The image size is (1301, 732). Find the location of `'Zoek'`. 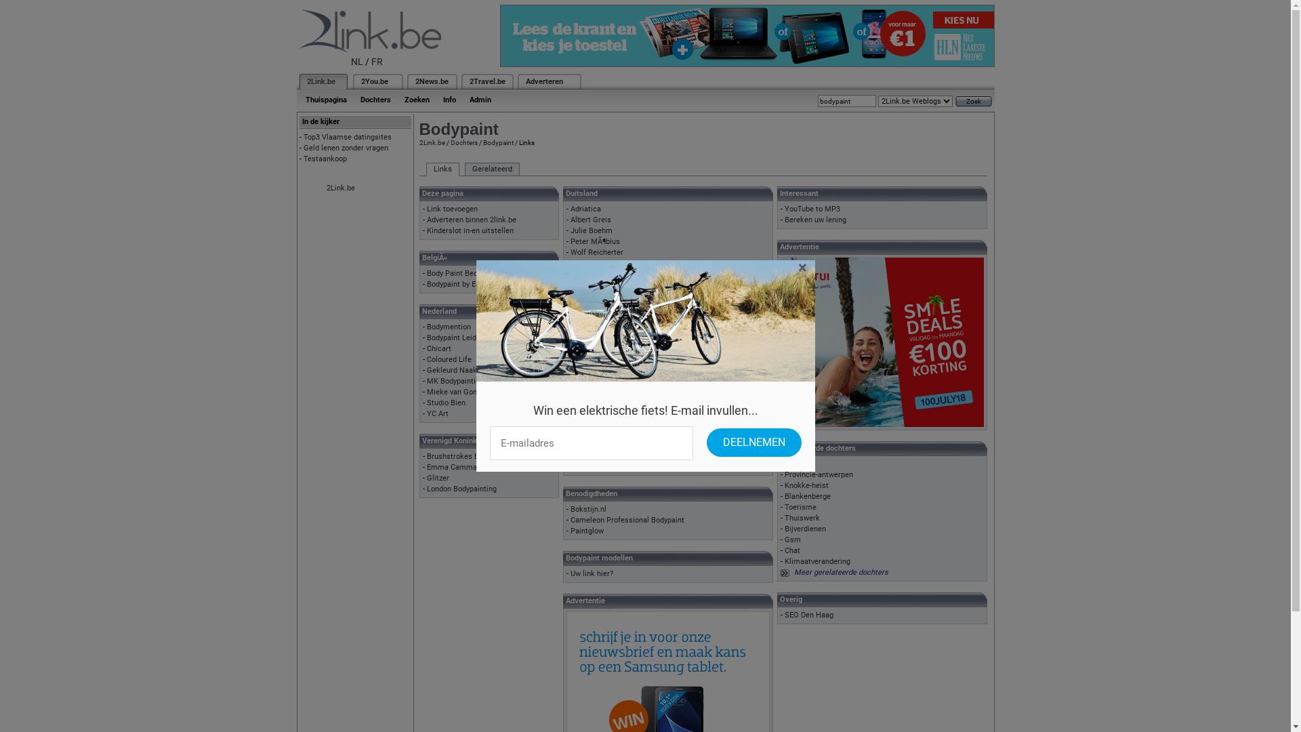

'Zoek' is located at coordinates (972, 100).